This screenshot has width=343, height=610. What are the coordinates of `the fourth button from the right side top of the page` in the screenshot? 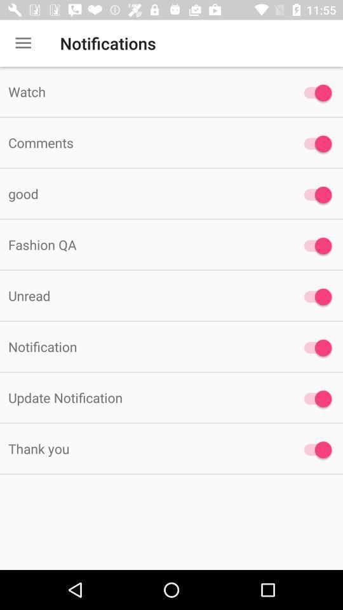 It's located at (314, 245).